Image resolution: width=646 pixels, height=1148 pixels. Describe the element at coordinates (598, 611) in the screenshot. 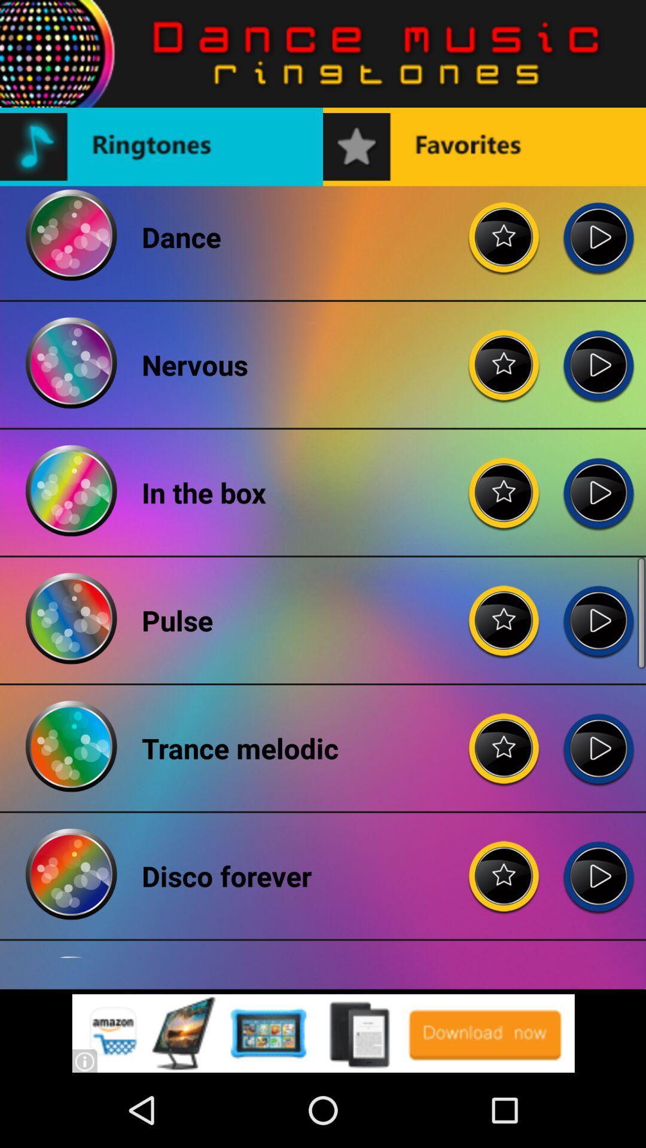

I see `song` at that location.